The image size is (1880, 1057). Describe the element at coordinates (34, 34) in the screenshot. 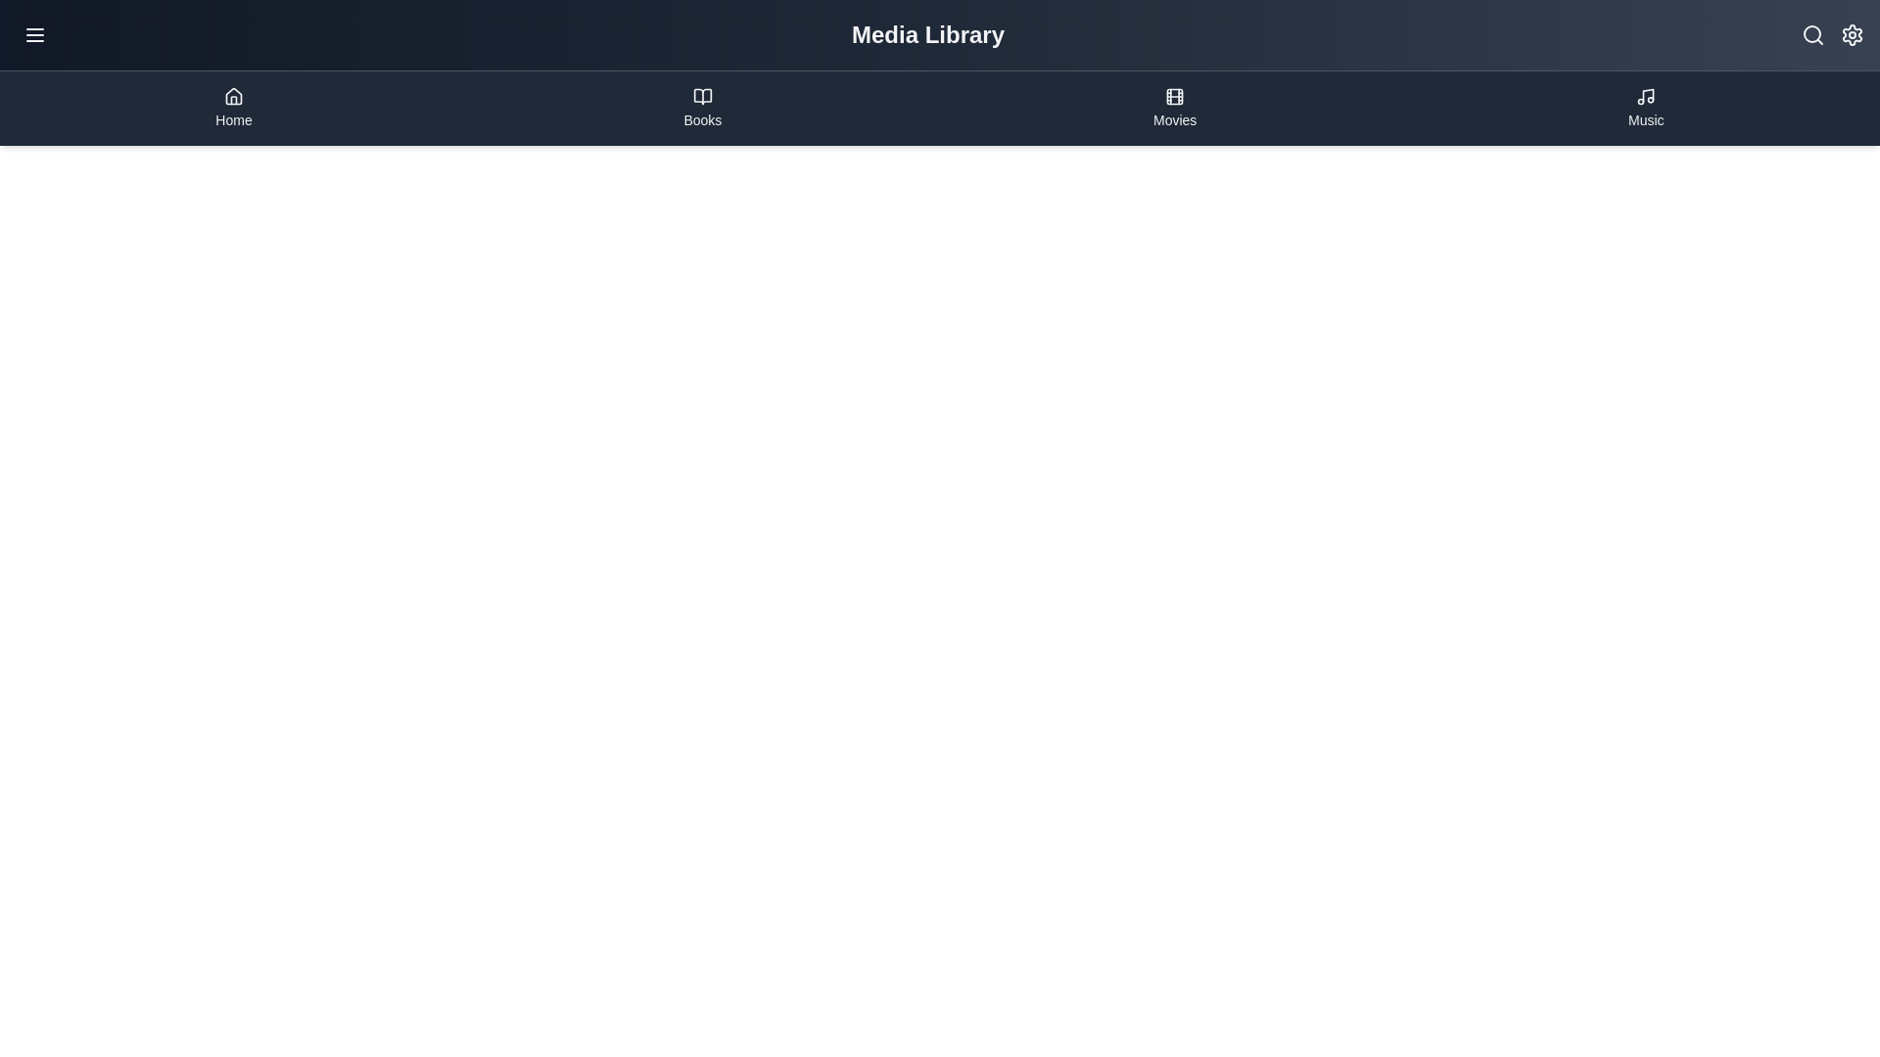

I see `the menu toggle button to toggle the menu visibility` at that location.